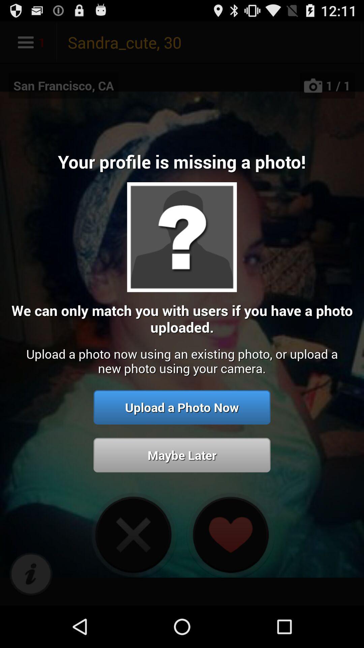  What do you see at coordinates (31, 574) in the screenshot?
I see `the icon at the bottom left corner` at bounding box center [31, 574].